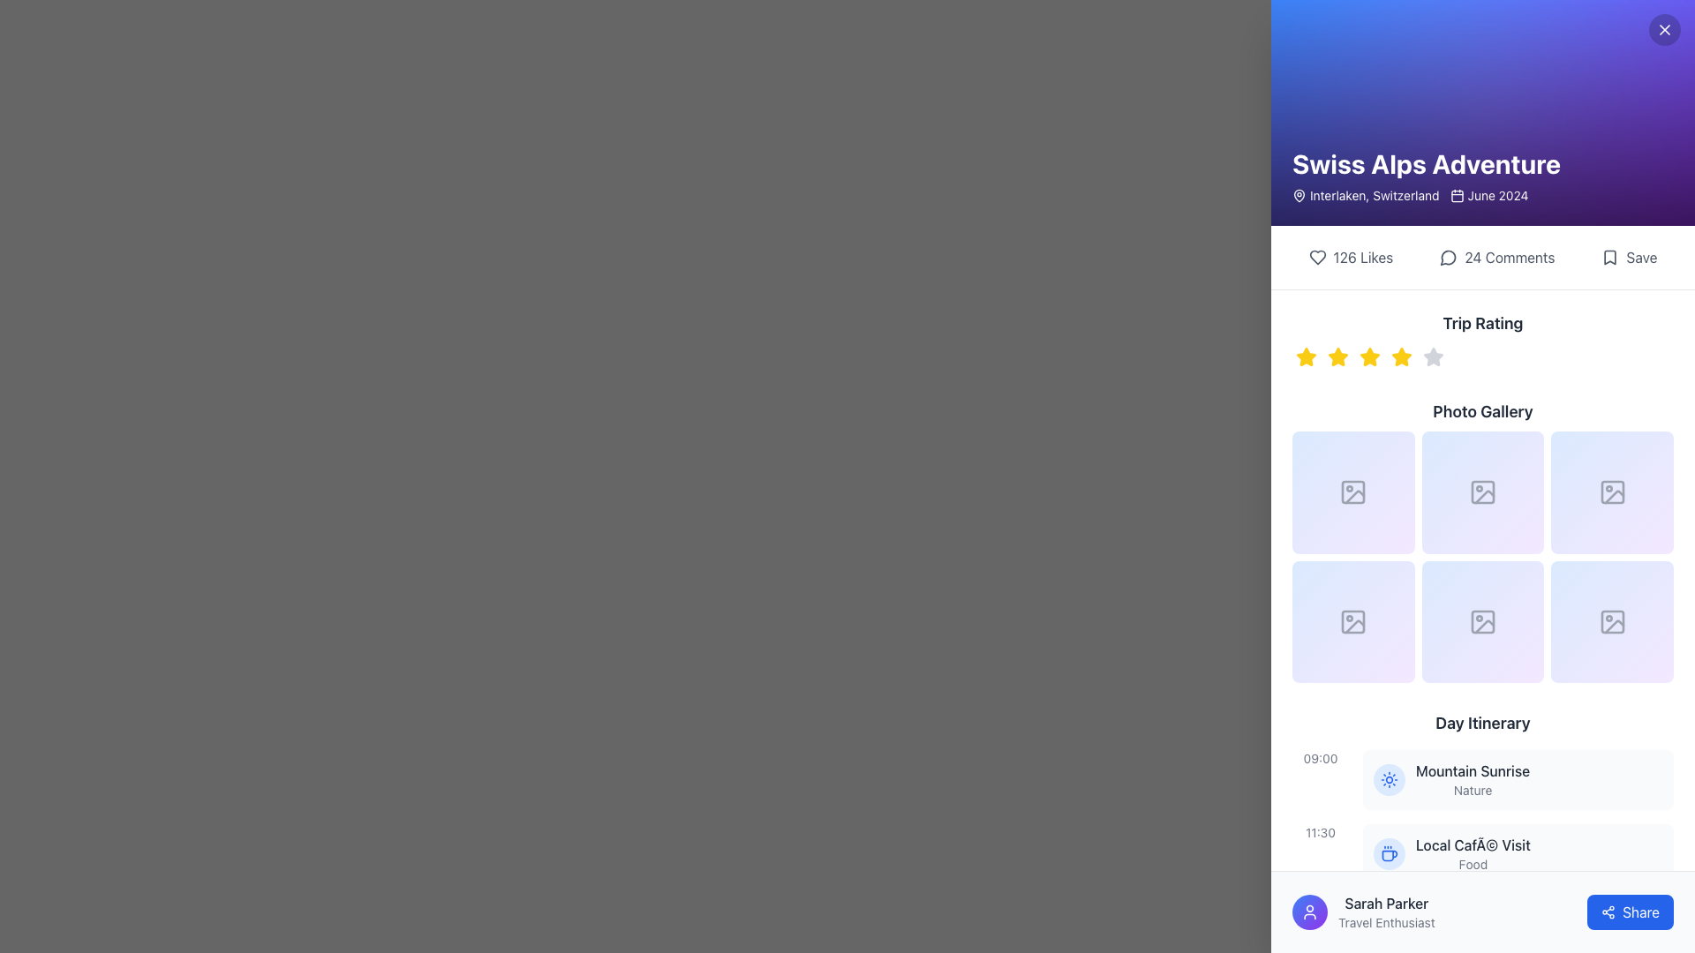 The width and height of the screenshot is (1695, 953). Describe the element at coordinates (1473, 779) in the screenshot. I see `the text label element labeled 'Mountain Sunrise' with a subtext of 'Nature' located in the first row of the 'Day Itinerary' section` at that location.